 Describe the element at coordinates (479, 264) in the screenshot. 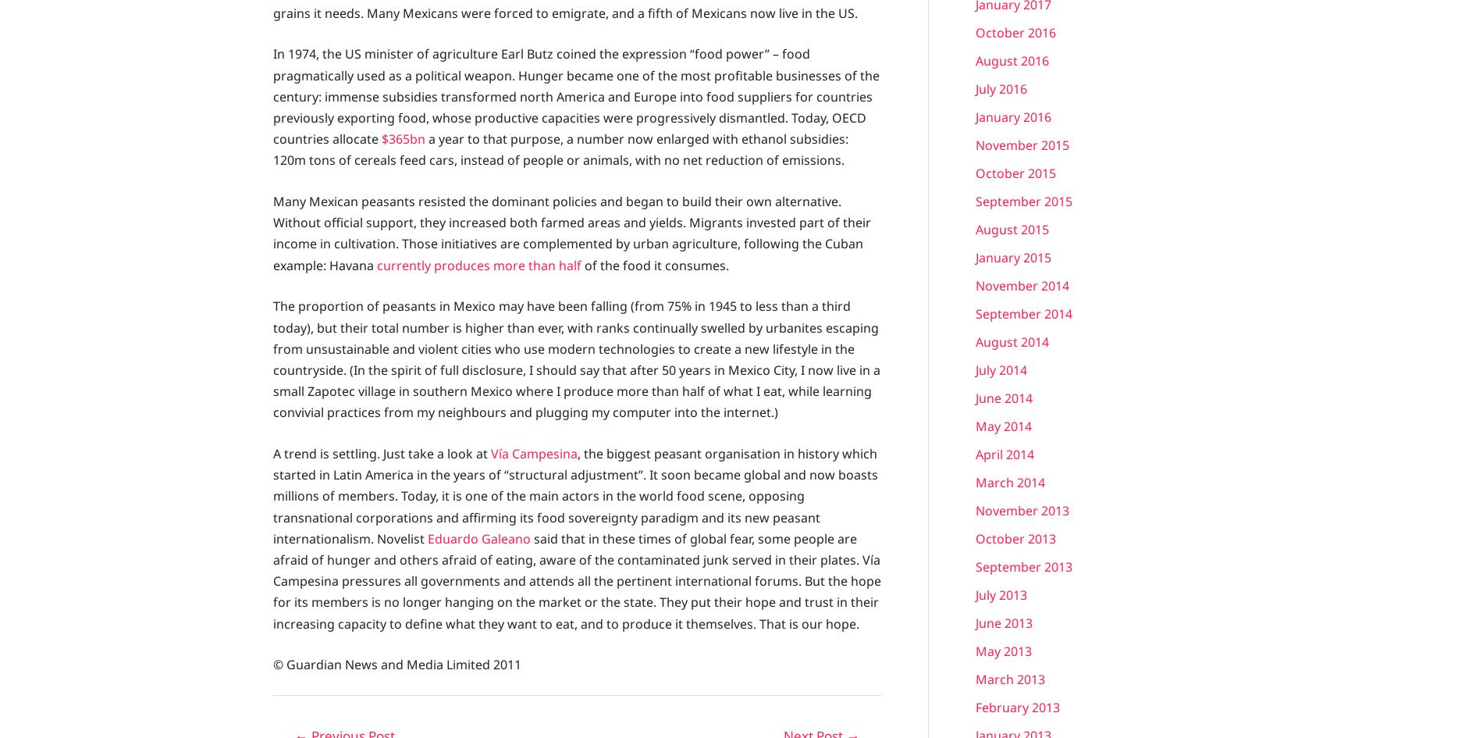

I see `'currently produces more than half'` at that location.